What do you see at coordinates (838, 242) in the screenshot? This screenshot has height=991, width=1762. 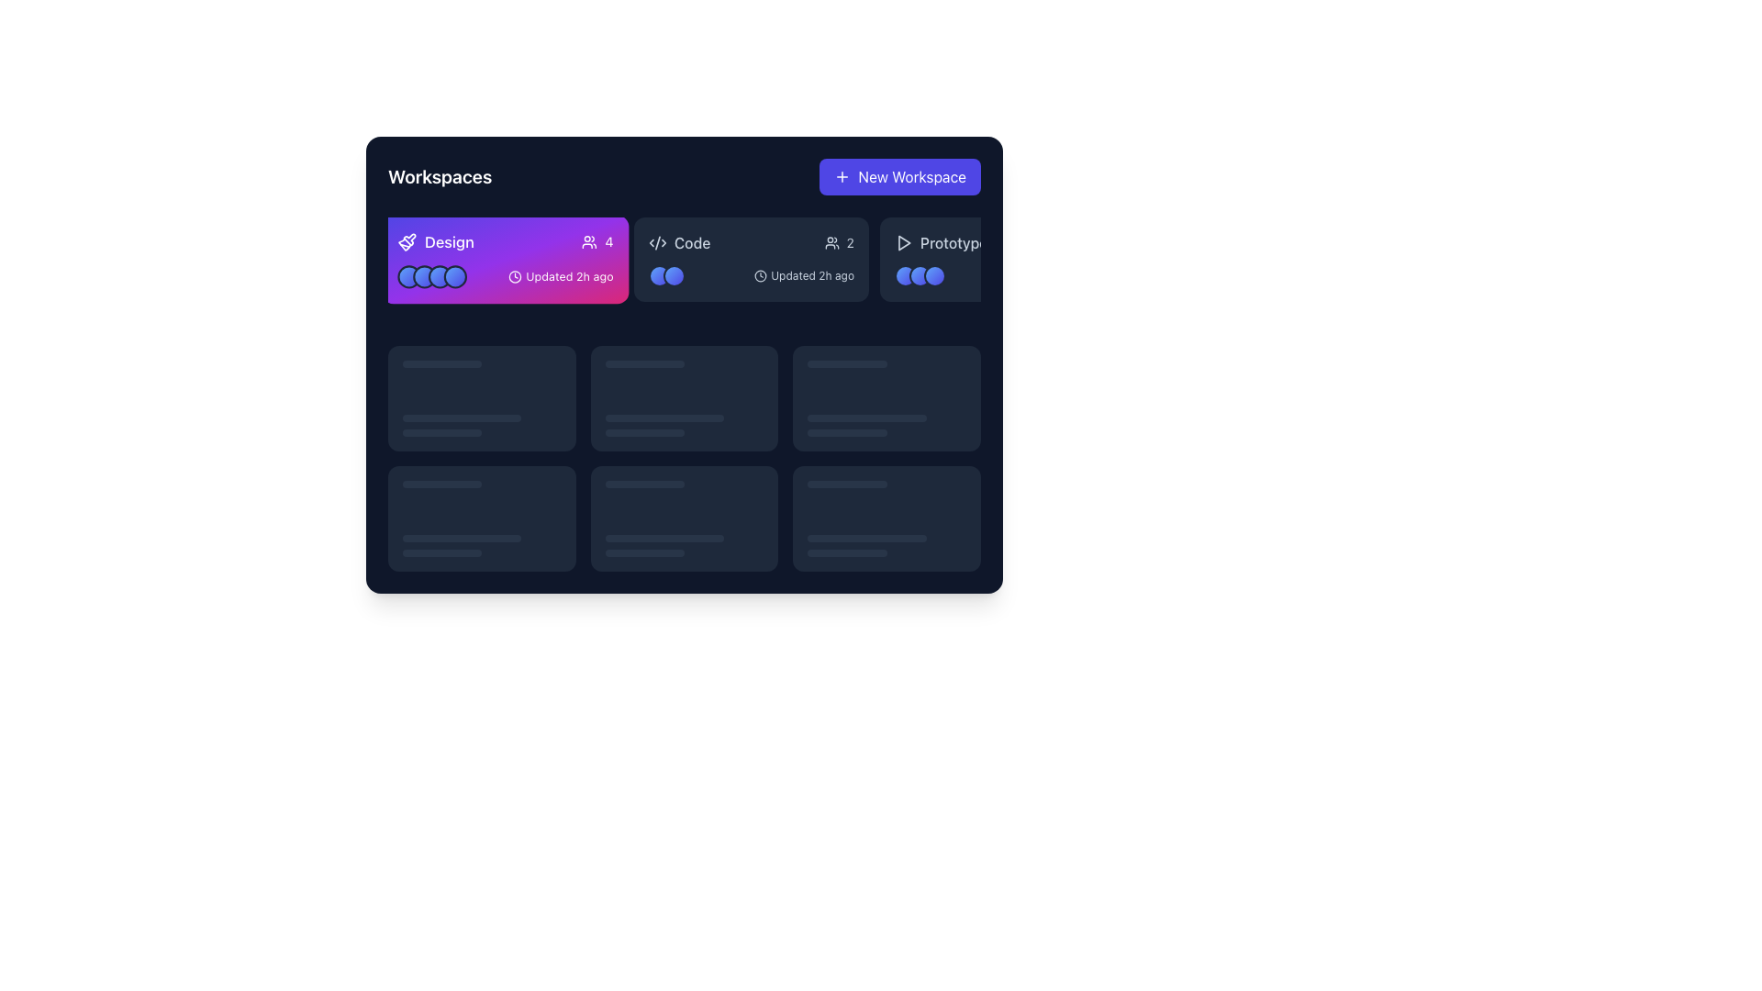 I see `the number of users displayed in the icon with the number '2' located in the header of the 'Code' workspace card towards the upper-right area` at bounding box center [838, 242].